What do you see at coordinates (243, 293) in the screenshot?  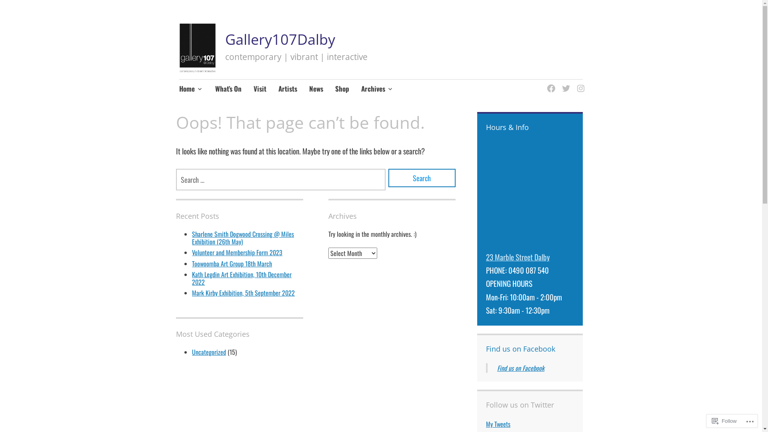 I see `'Mark Kirby Exhibition, 5th September 2022'` at bounding box center [243, 293].